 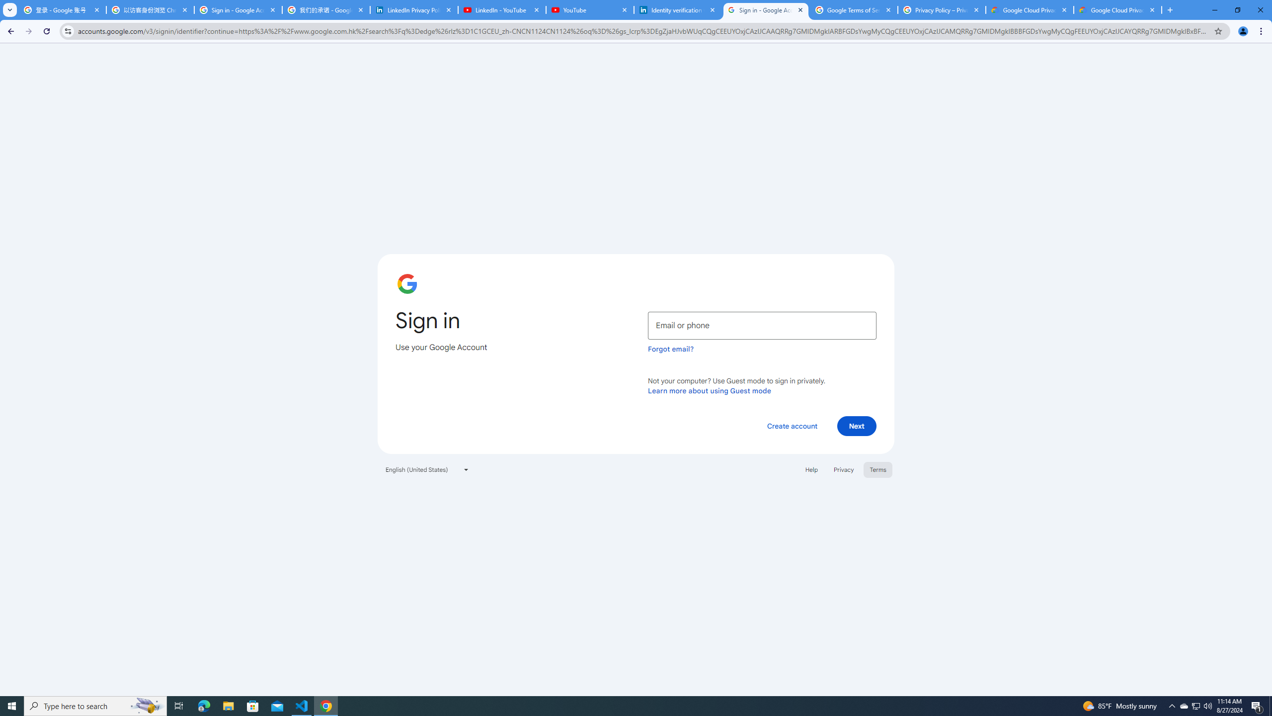 I want to click on 'Sign in - Google Accounts', so click(x=765, y=9).